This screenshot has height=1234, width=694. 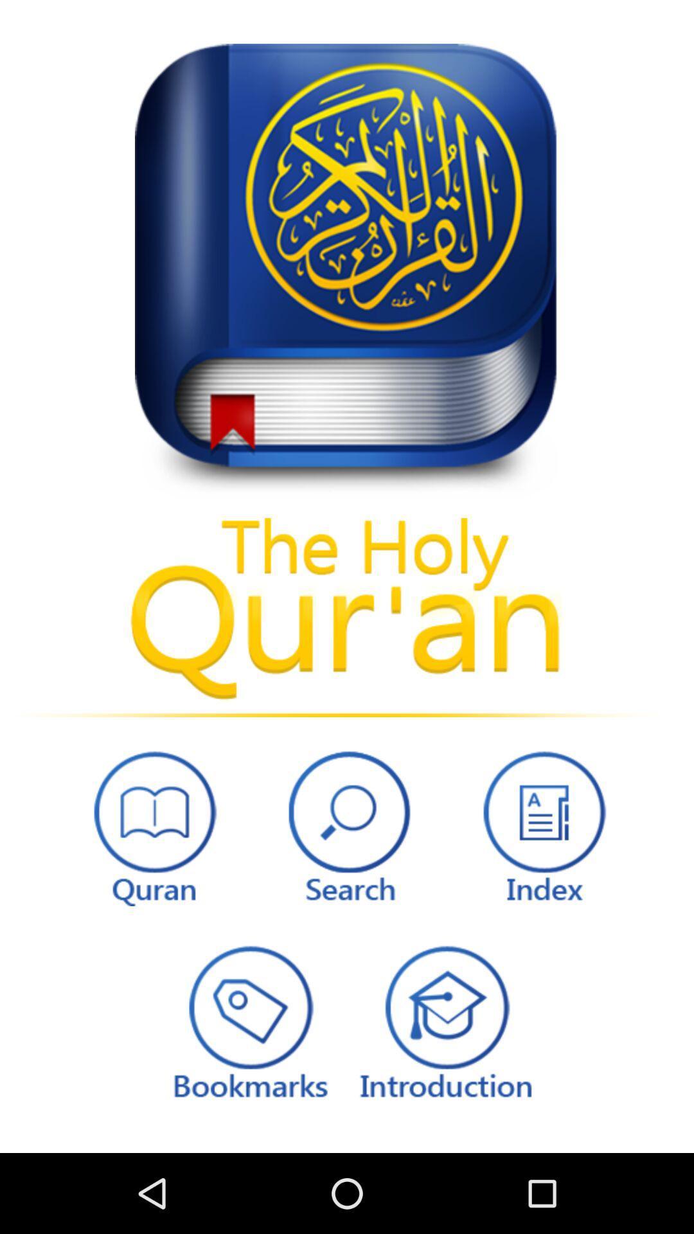 What do you see at coordinates (151, 825) in the screenshot?
I see `open quran to read` at bounding box center [151, 825].